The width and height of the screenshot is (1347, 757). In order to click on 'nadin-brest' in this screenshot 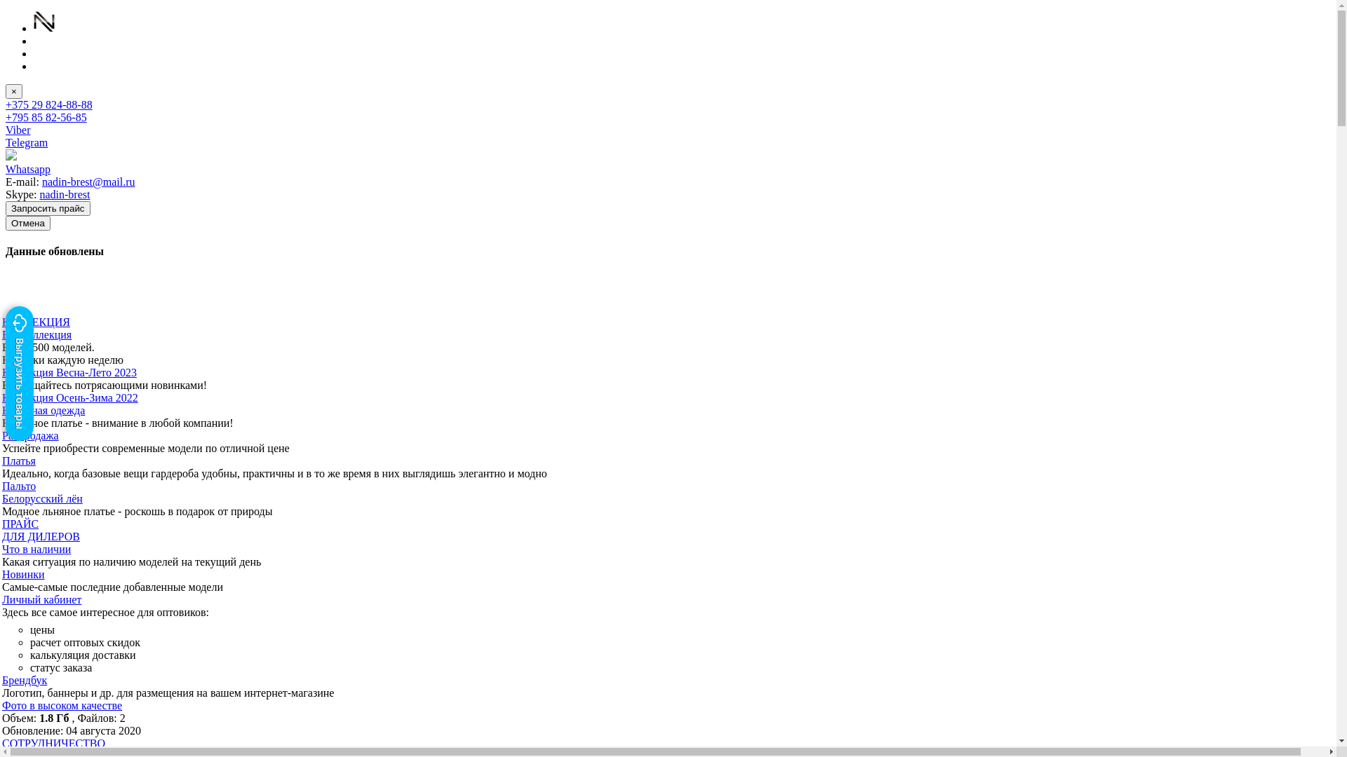, I will do `click(63, 194)`.